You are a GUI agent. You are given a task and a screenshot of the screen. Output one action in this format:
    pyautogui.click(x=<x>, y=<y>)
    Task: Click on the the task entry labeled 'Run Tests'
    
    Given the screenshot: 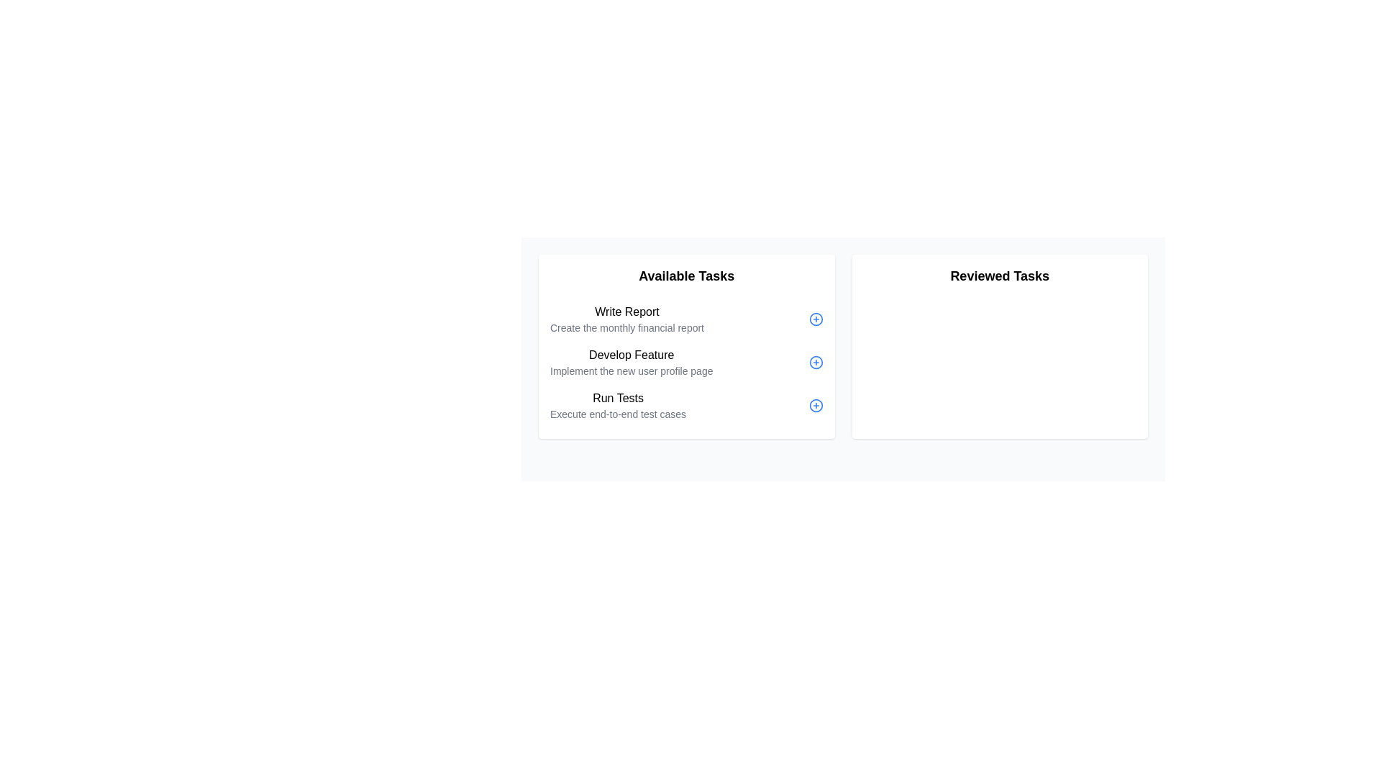 What is the action you would take?
    pyautogui.click(x=685, y=405)
    